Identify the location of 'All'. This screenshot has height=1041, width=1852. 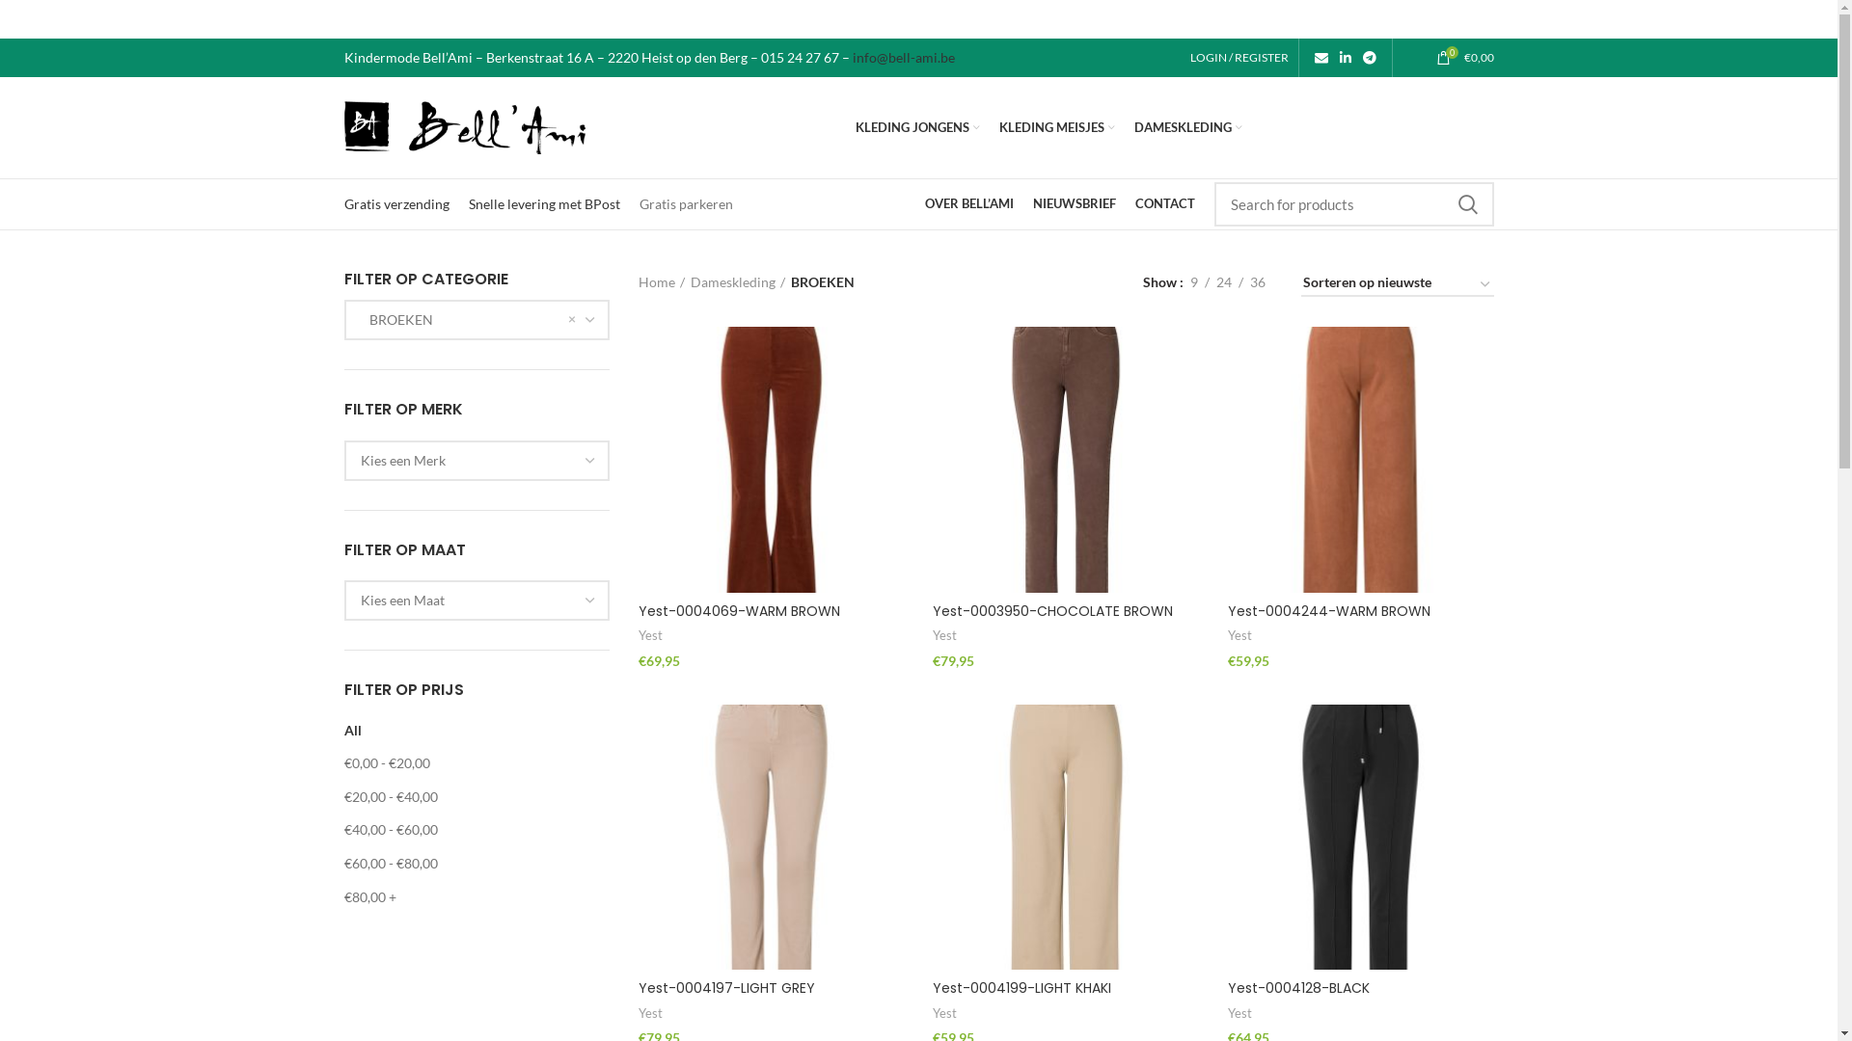
(351, 730).